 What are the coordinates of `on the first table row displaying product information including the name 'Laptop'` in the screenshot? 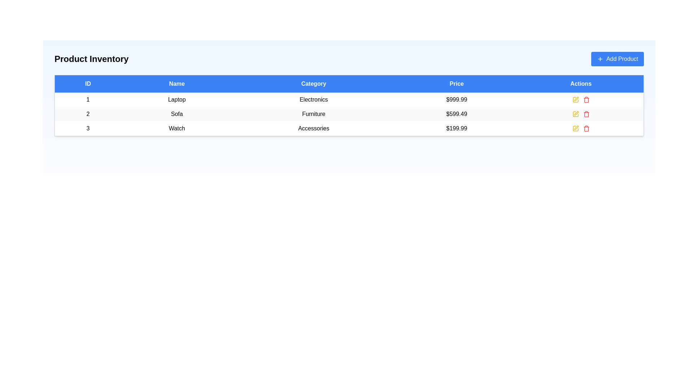 It's located at (349, 100).